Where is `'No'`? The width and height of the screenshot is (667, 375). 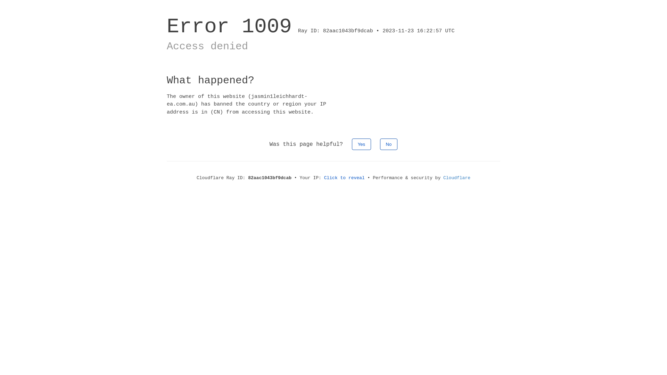
'No' is located at coordinates (388, 144).